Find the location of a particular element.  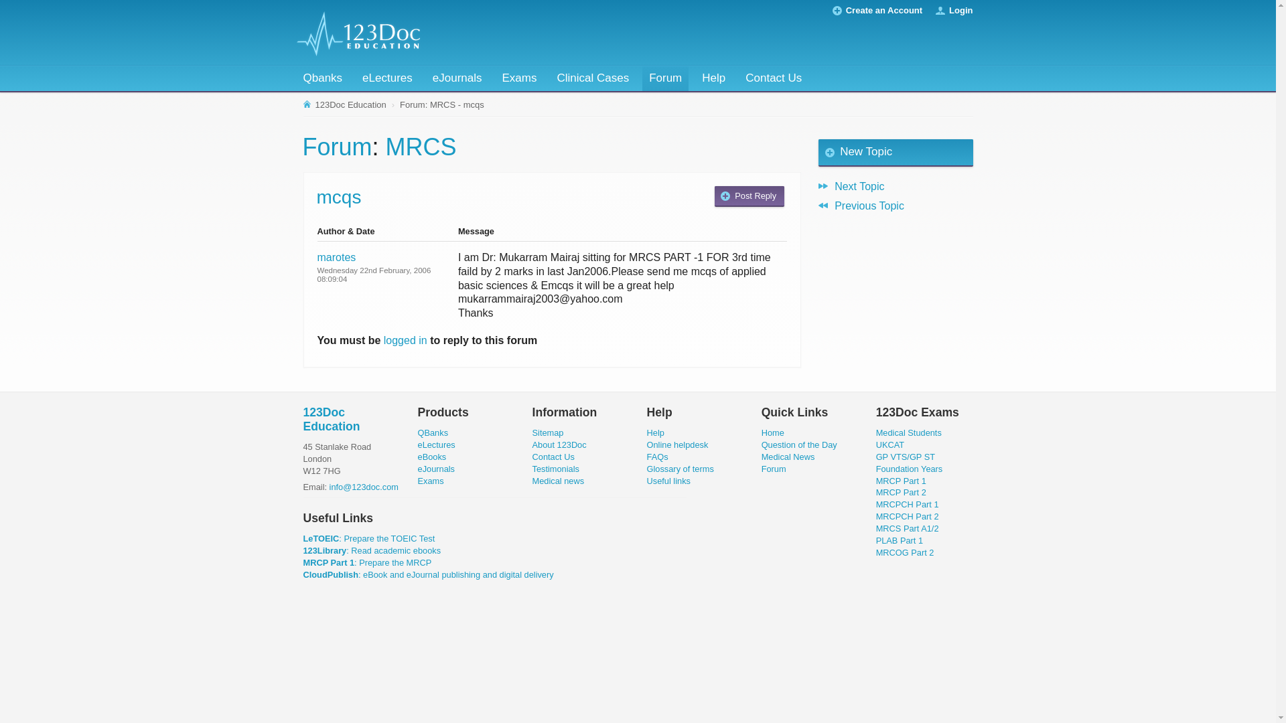

'Medical news' is located at coordinates (559, 480).